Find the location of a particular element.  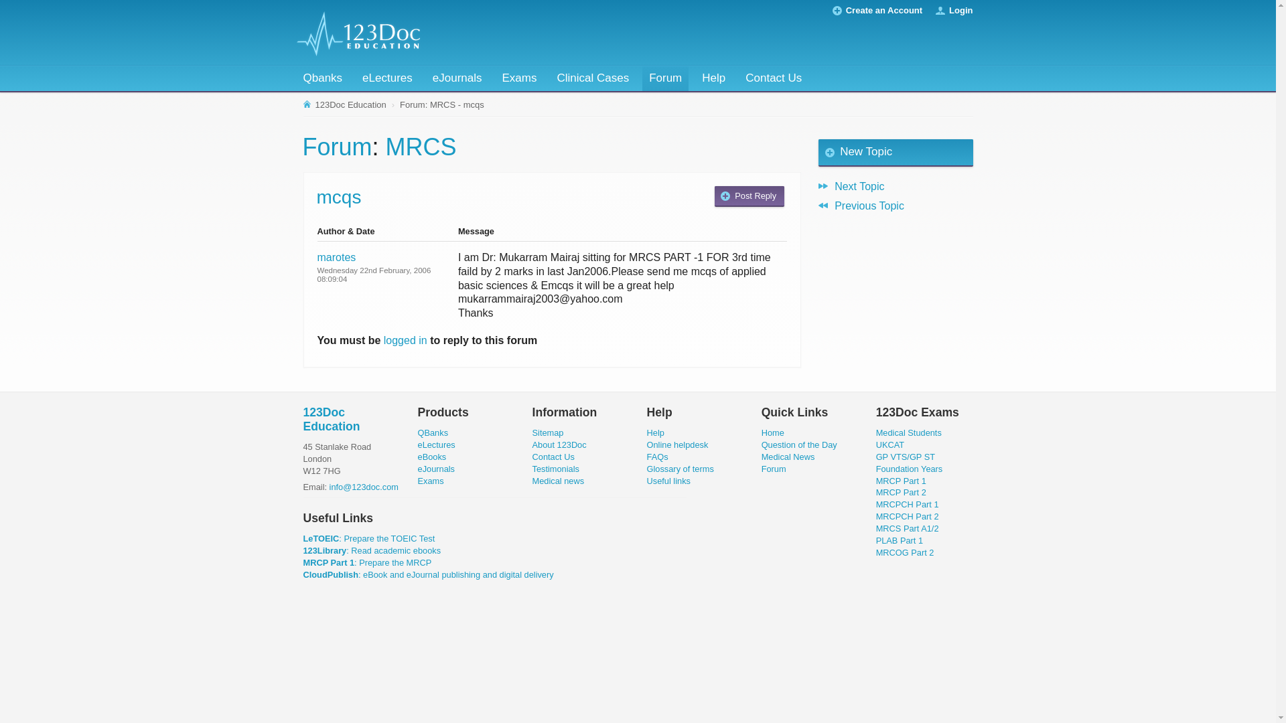

'Medical news' is located at coordinates (559, 480).